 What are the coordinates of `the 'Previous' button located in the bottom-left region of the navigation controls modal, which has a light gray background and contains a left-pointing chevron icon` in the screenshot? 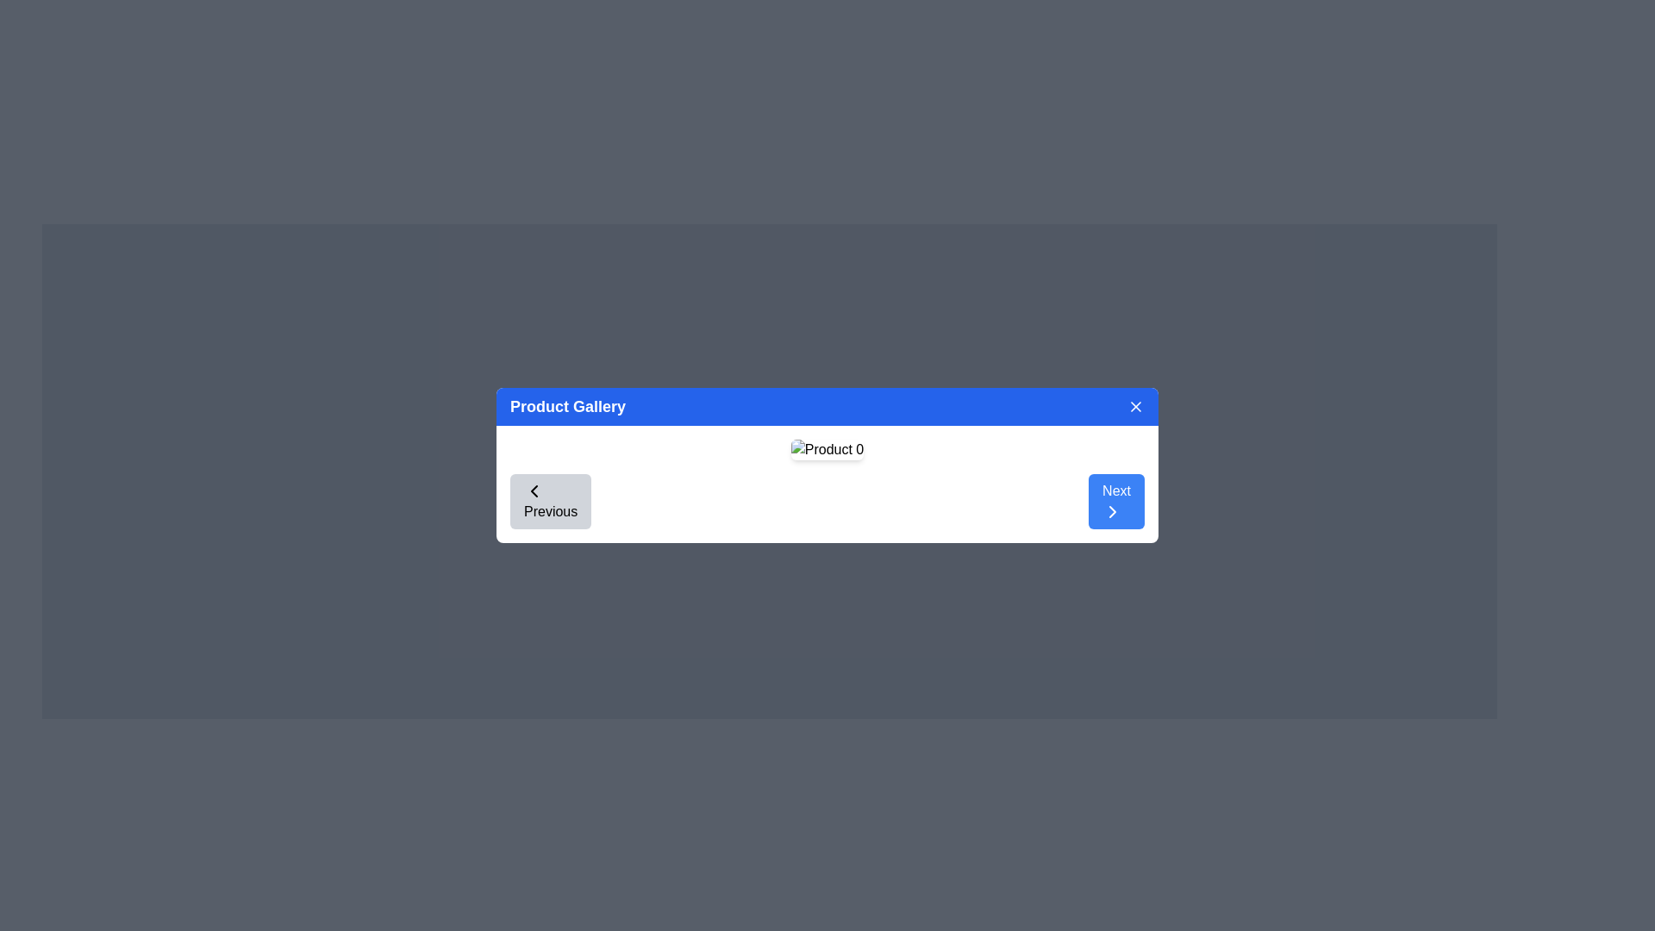 It's located at (550, 502).